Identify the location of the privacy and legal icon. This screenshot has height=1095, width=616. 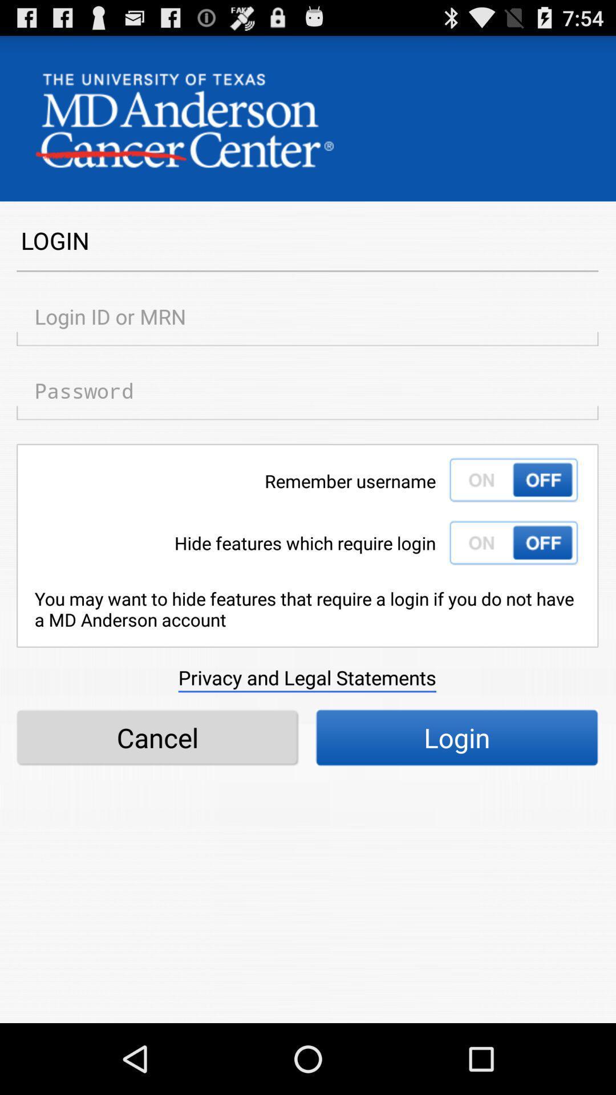
(306, 678).